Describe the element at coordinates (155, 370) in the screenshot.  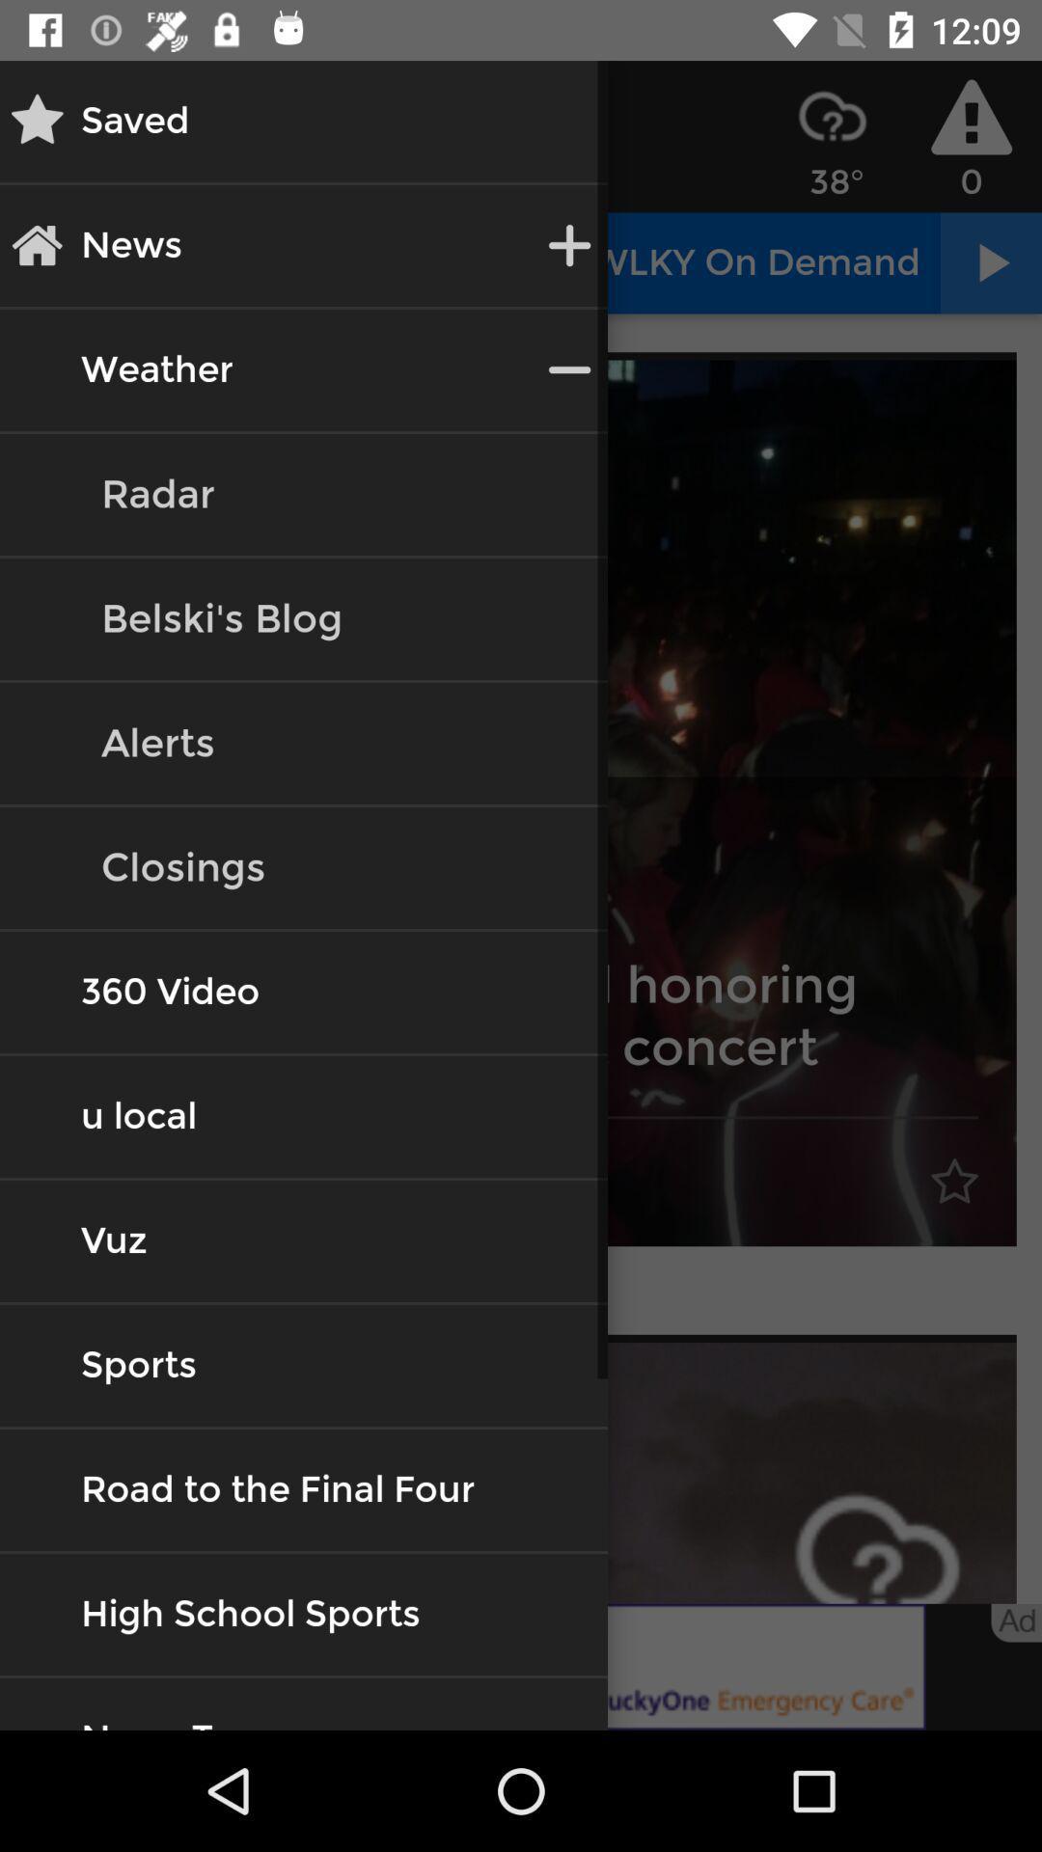
I see `the button weather on the web page` at that location.